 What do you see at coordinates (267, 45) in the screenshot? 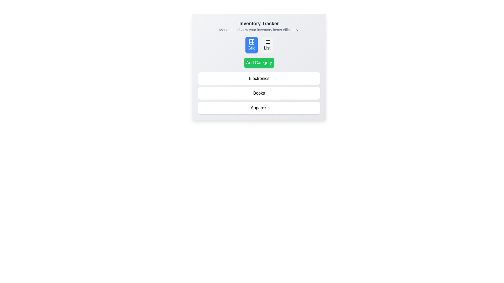
I see `the 'List' button` at bounding box center [267, 45].